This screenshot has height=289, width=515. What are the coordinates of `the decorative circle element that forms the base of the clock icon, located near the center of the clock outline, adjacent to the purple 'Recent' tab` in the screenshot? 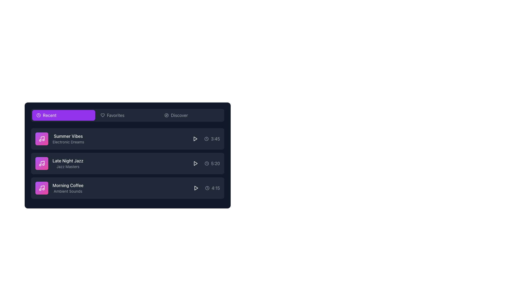 It's located at (38, 115).